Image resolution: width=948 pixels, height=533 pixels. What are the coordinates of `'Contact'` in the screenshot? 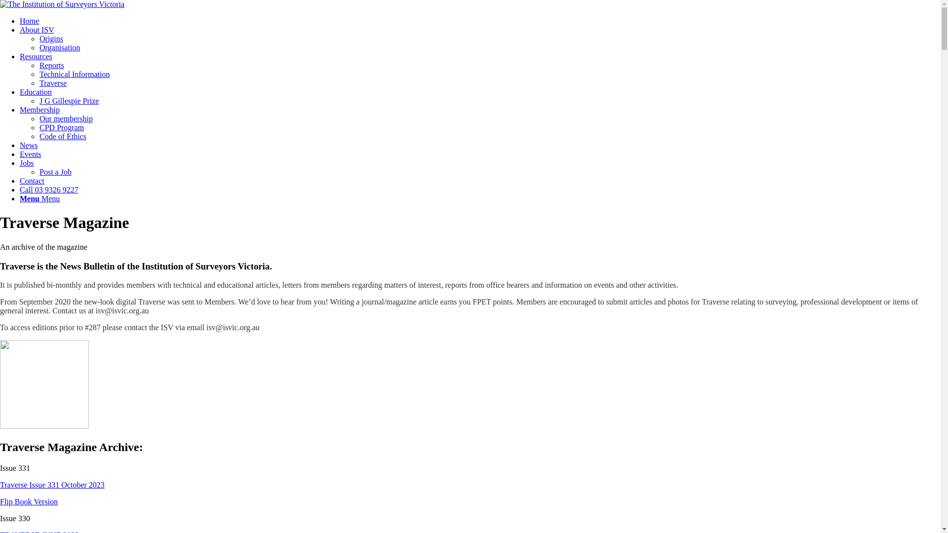 It's located at (32, 181).